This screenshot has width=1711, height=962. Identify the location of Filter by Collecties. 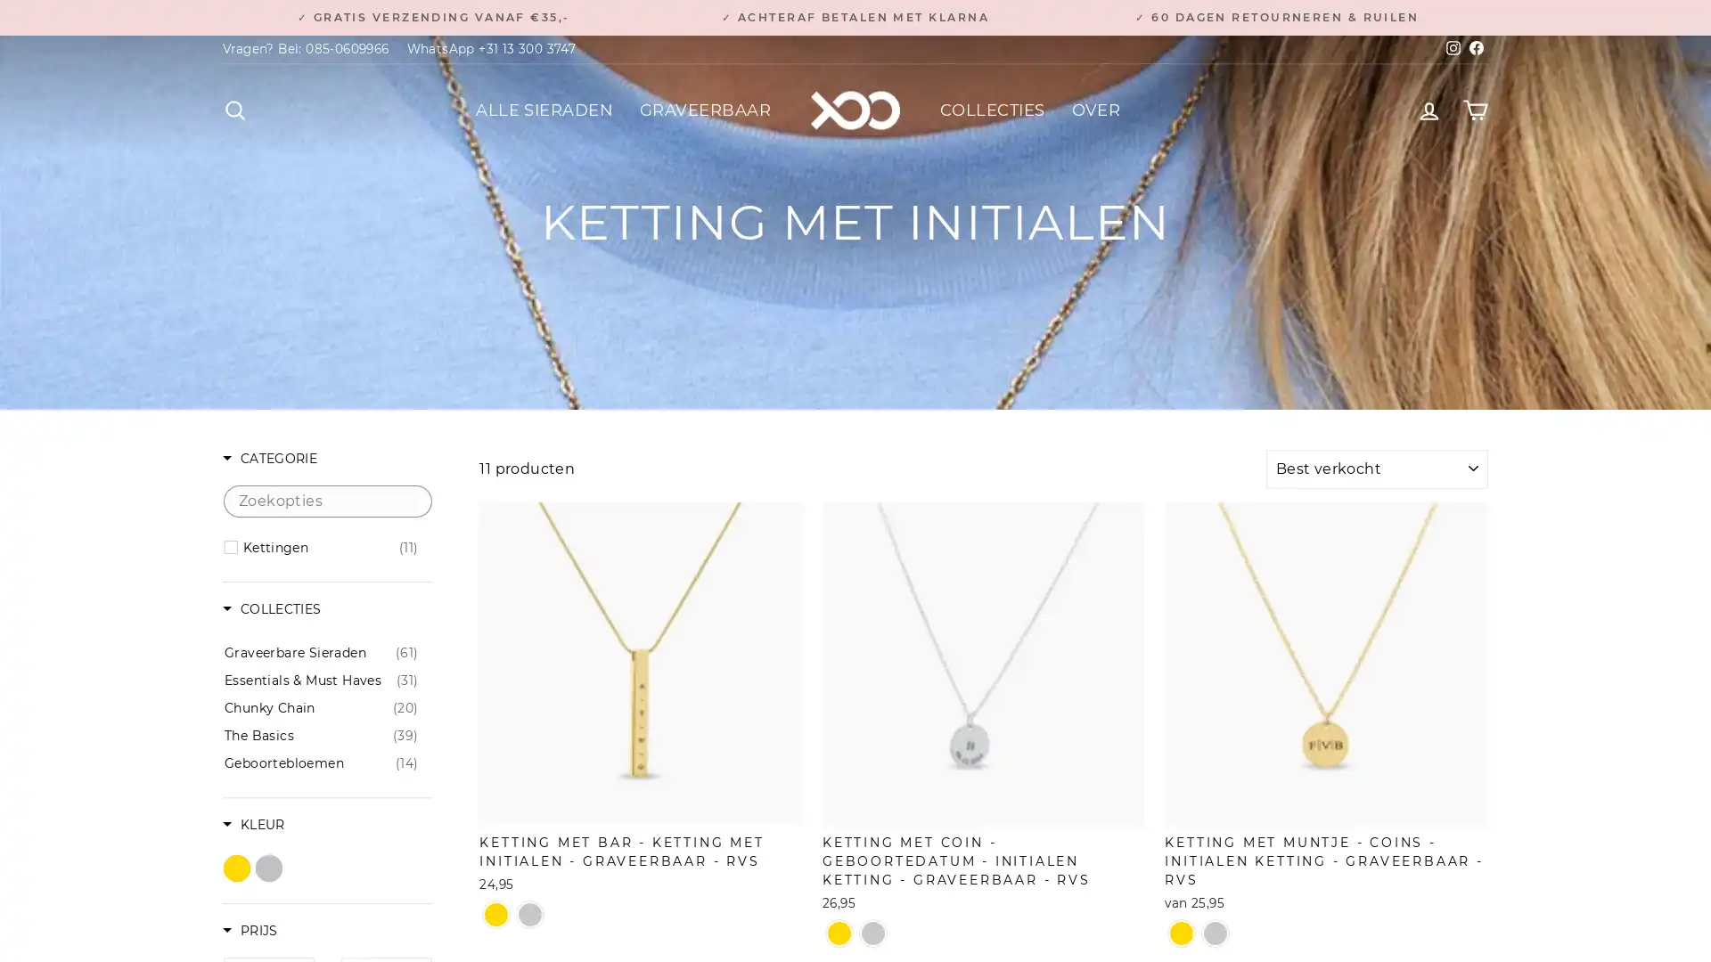
(271, 609).